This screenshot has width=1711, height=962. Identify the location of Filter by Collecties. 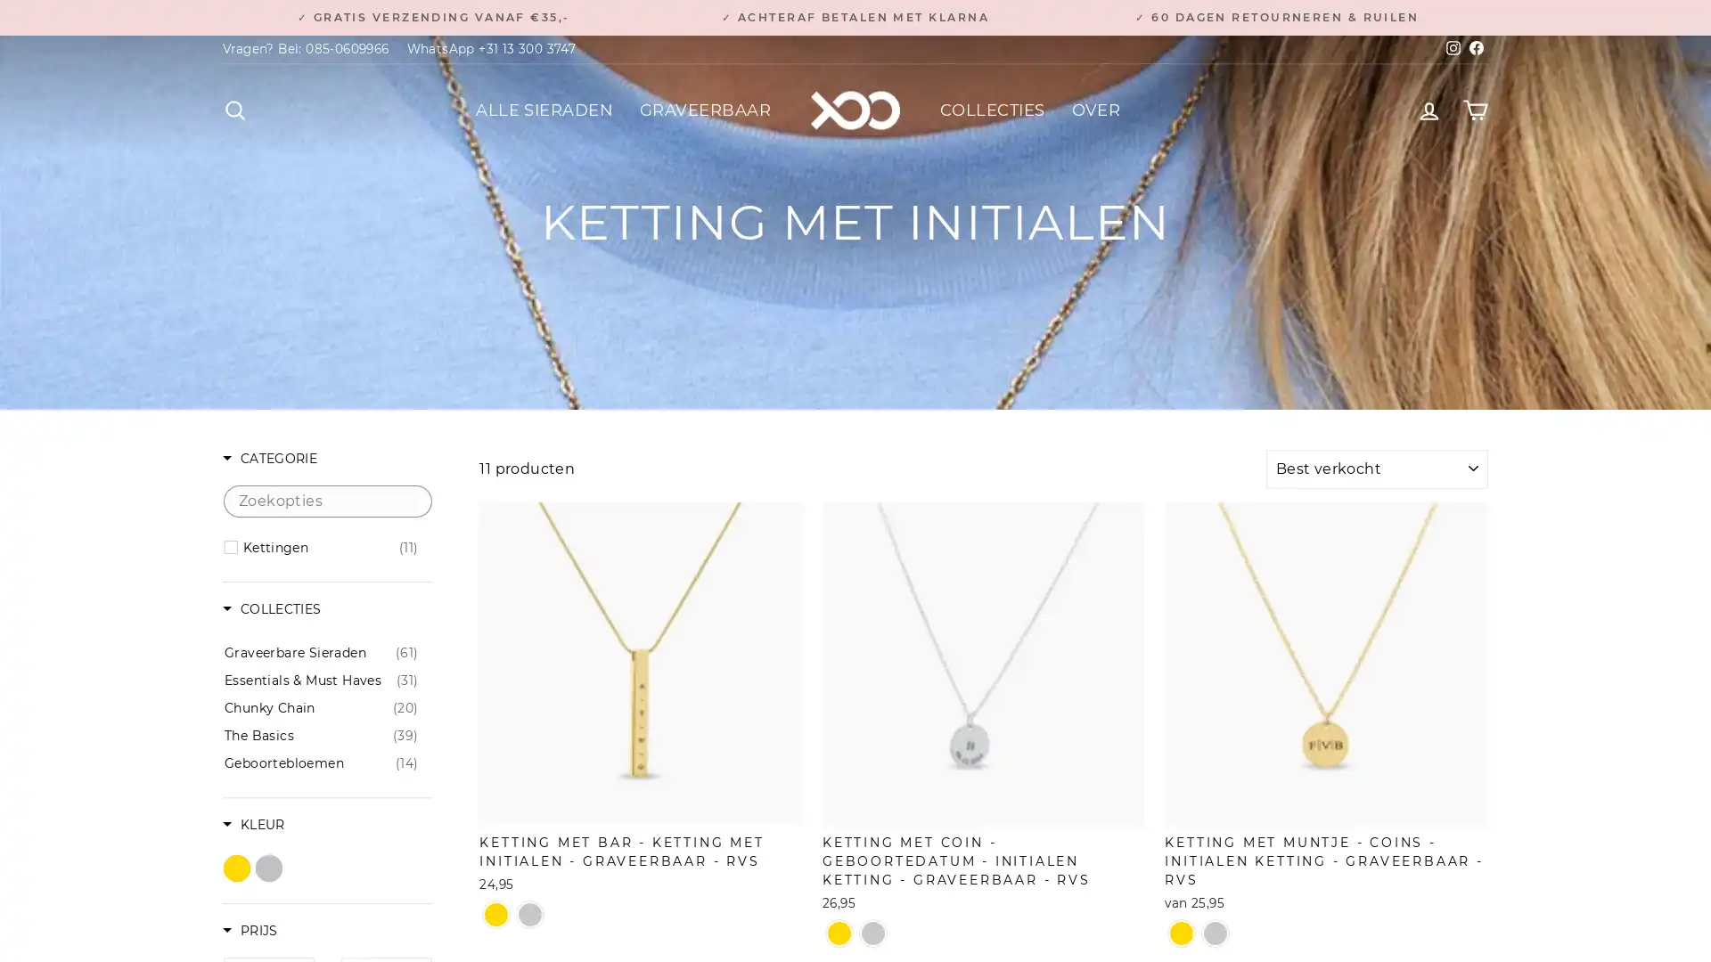
(271, 609).